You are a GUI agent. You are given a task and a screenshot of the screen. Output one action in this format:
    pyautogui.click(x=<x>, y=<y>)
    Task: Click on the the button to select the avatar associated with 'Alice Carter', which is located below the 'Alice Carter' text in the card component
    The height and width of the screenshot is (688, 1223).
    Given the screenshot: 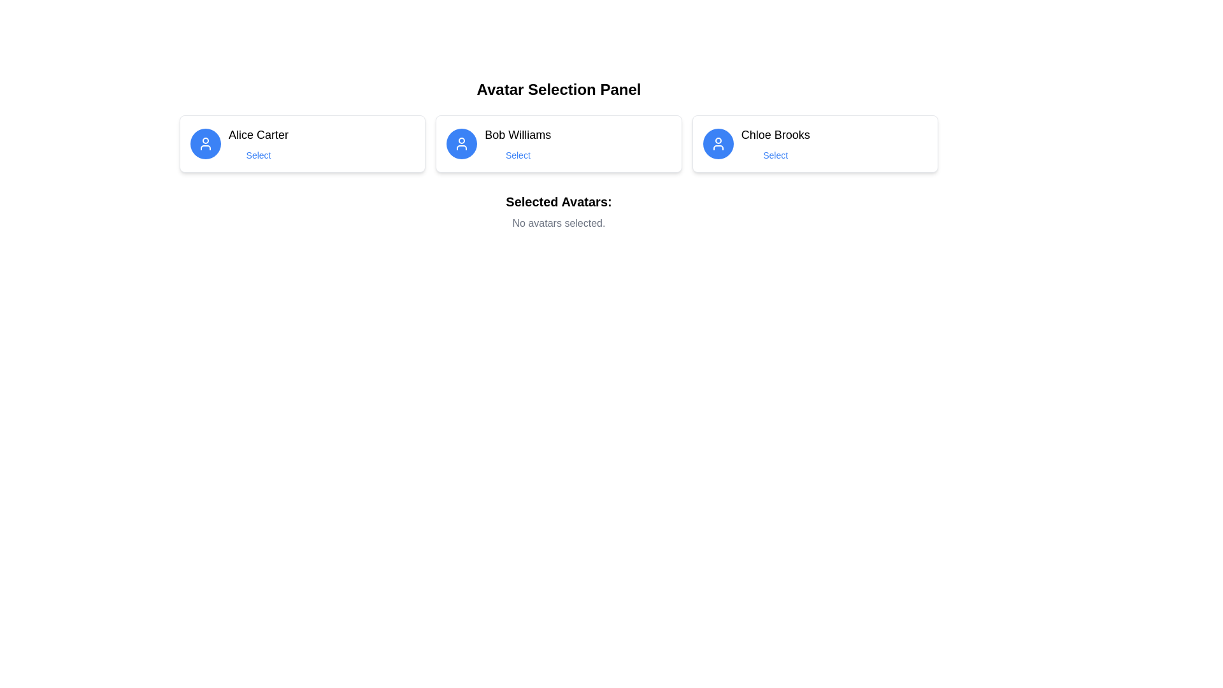 What is the action you would take?
    pyautogui.click(x=258, y=154)
    